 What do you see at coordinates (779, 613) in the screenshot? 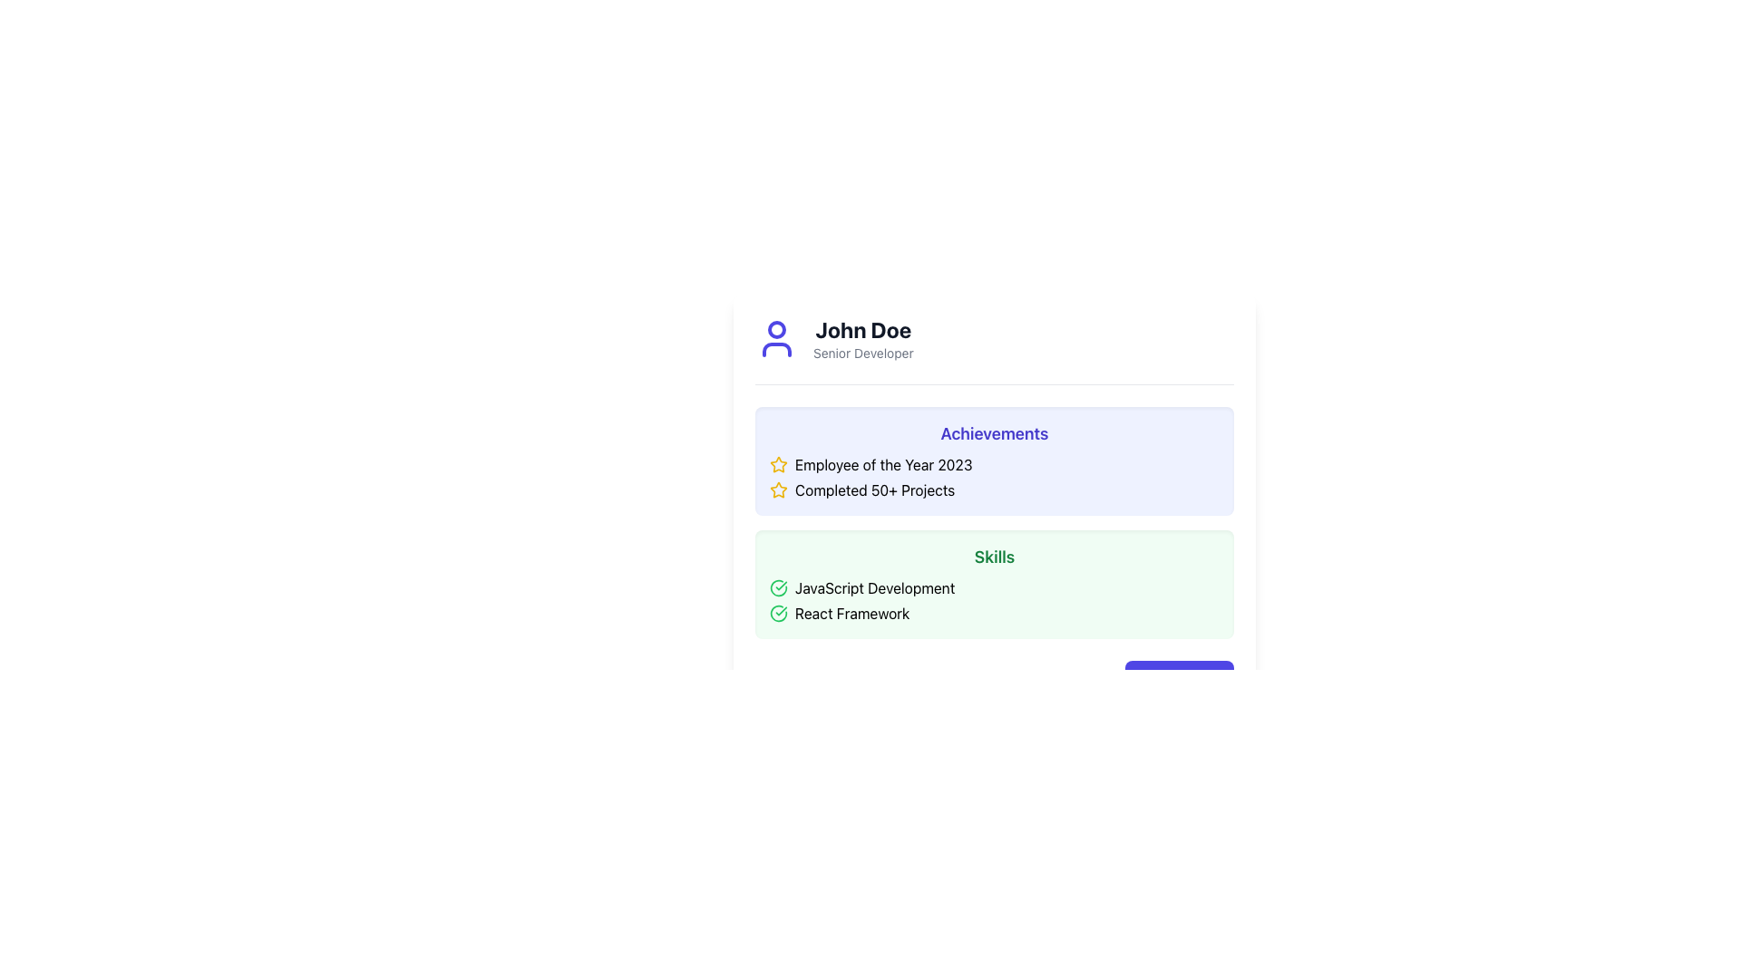
I see `the status indicator represented by the circular SVG icon with a checkmark, which is located adjacent to the 'React Framework' text in the 'Skills' section` at bounding box center [779, 613].